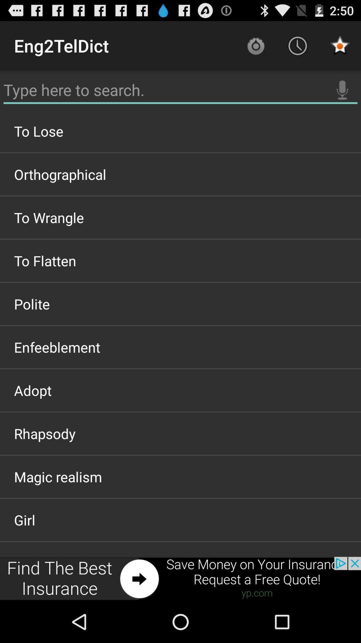 Image resolution: width=361 pixels, height=643 pixels. Describe the element at coordinates (342, 90) in the screenshot. I see `audio search` at that location.